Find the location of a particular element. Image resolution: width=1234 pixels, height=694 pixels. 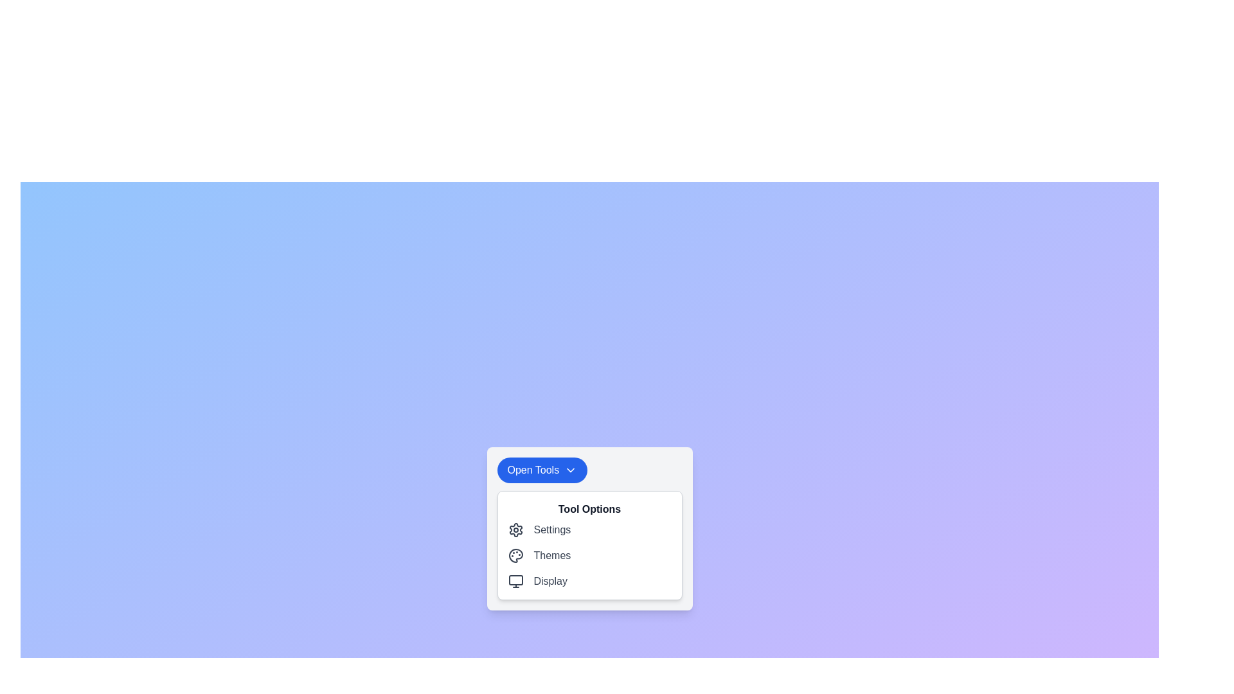

one of the selectable options in the settings sub-menu located below the 'Open Tools' button is located at coordinates (589, 545).